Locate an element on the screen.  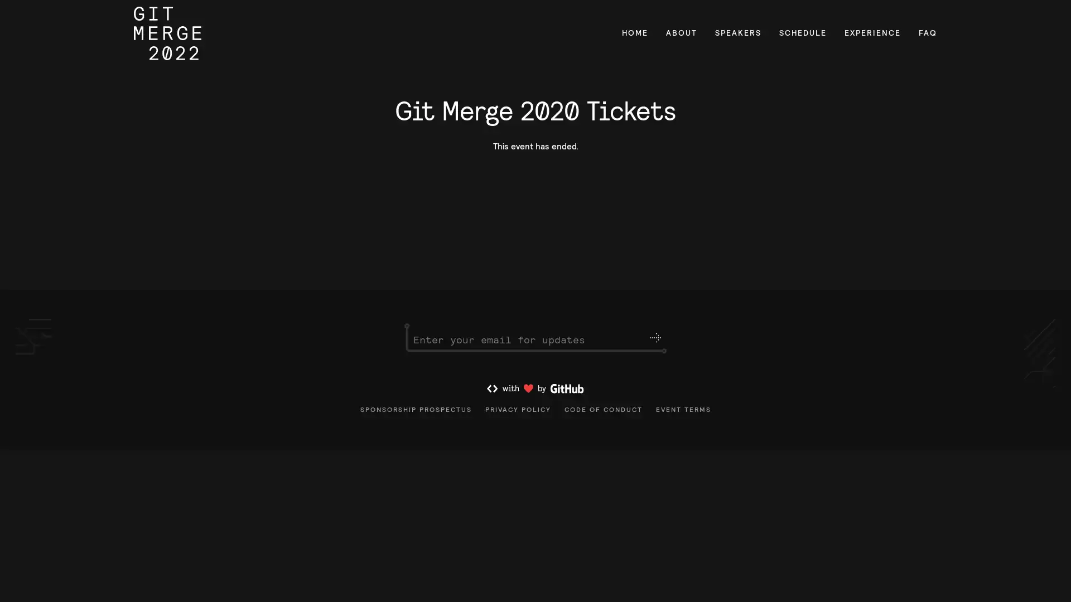
Submit is located at coordinates (655, 343).